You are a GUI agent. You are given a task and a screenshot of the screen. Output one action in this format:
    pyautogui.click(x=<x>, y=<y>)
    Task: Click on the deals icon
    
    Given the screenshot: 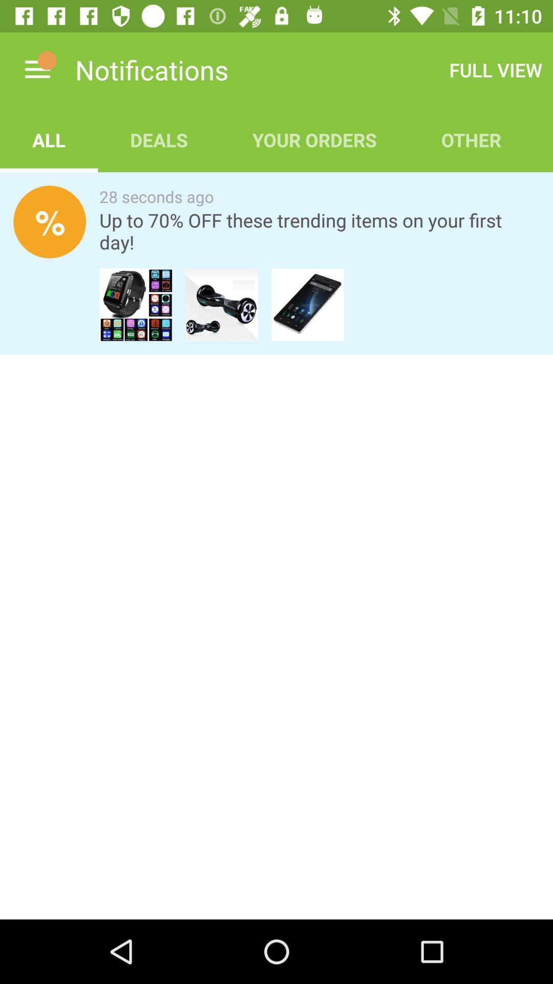 What is the action you would take?
    pyautogui.click(x=159, y=139)
    